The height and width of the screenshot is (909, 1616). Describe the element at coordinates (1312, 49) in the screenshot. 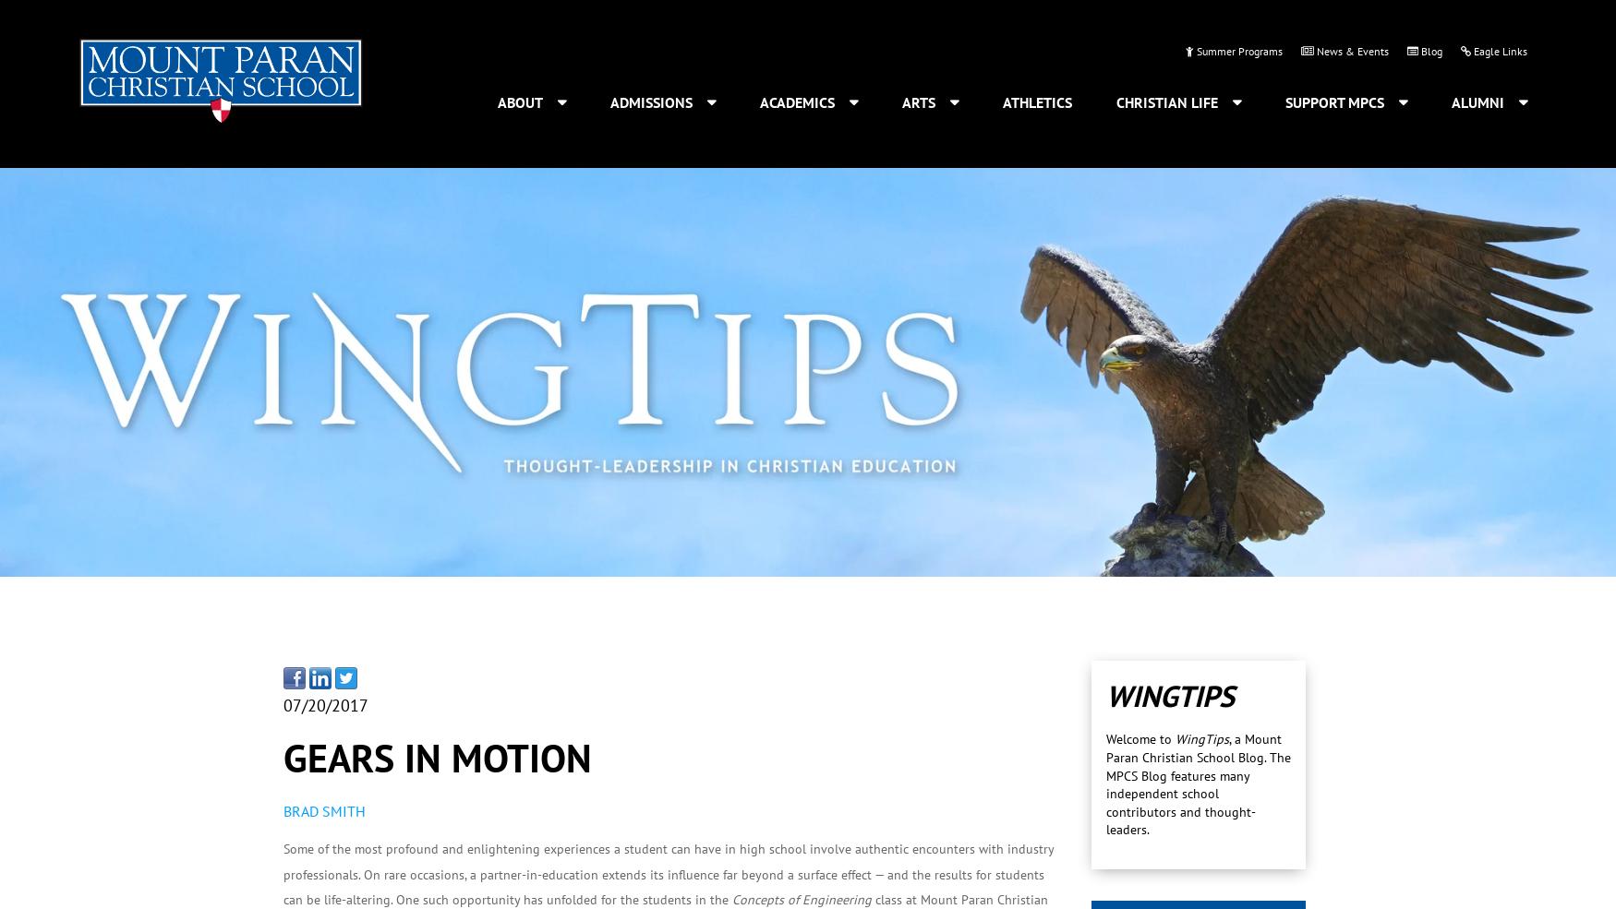

I see `'News & Events'` at that location.